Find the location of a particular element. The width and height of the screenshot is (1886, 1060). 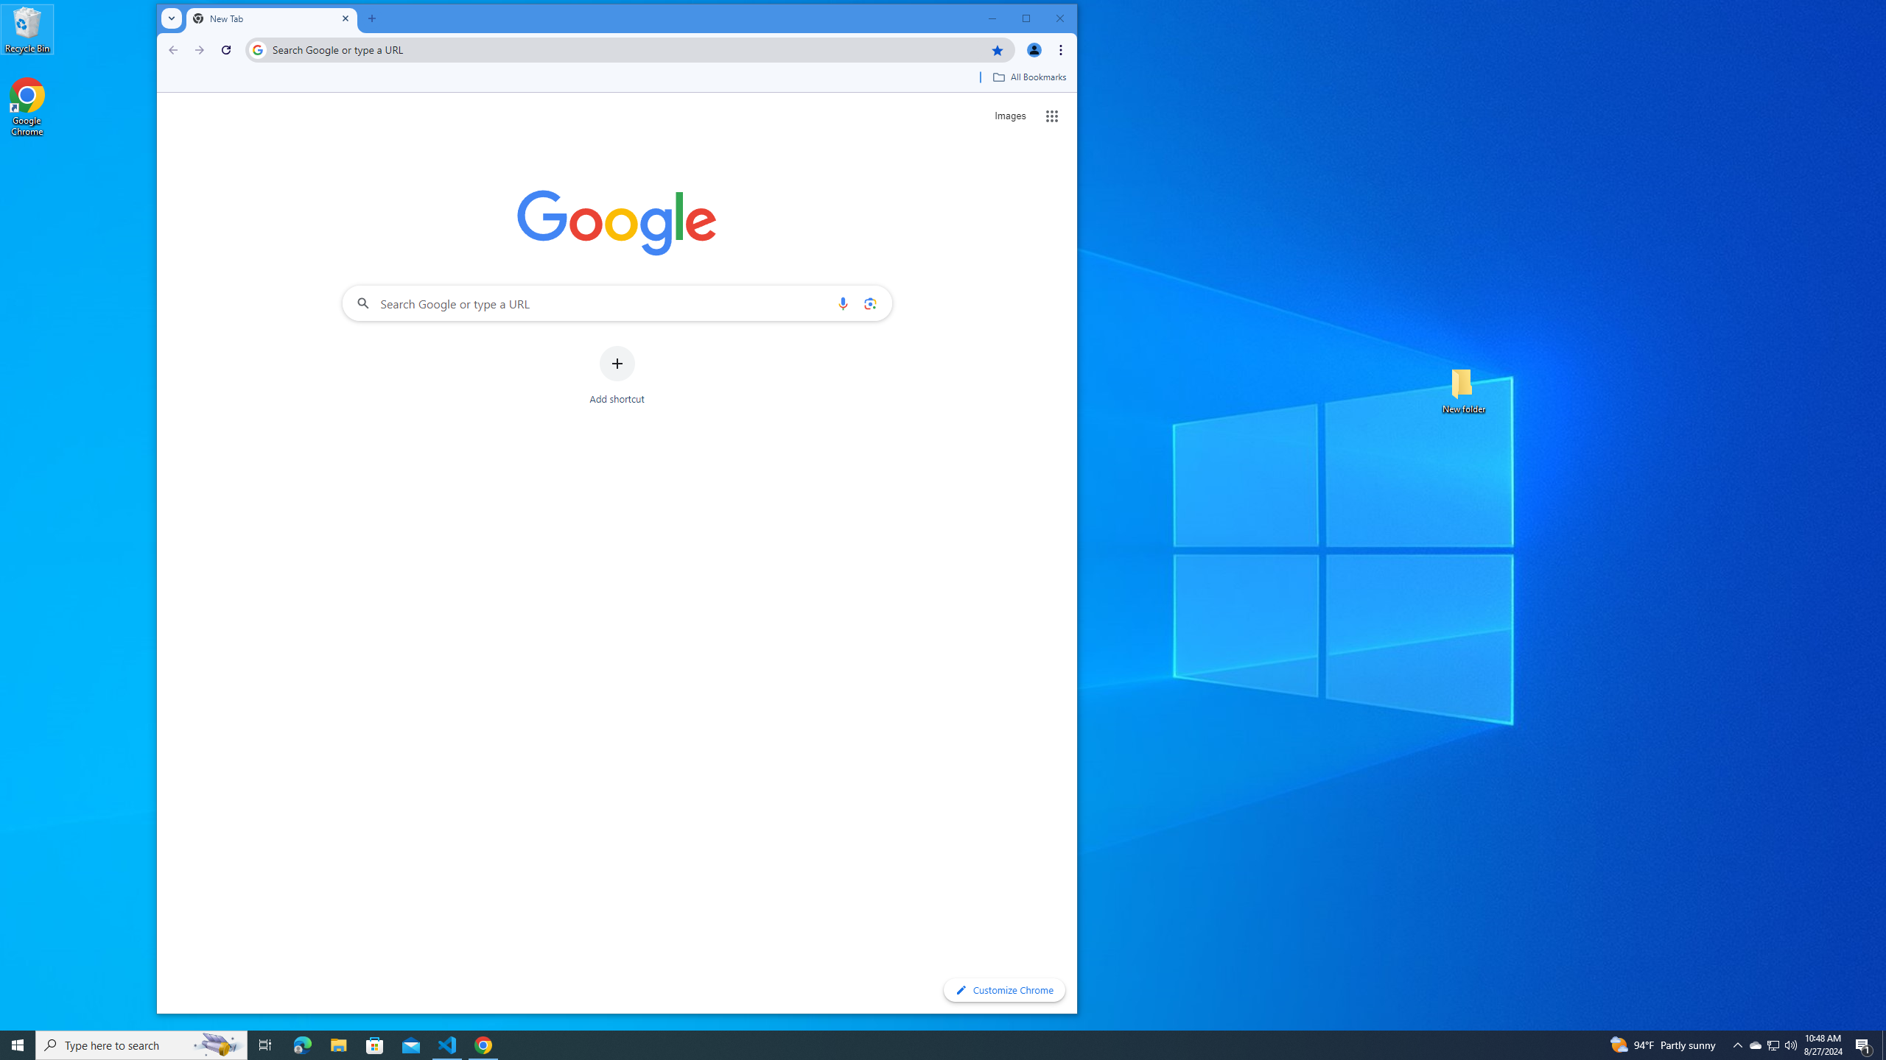

'Recycle Bin' is located at coordinates (27, 28).